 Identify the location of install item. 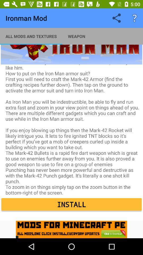
(71, 204).